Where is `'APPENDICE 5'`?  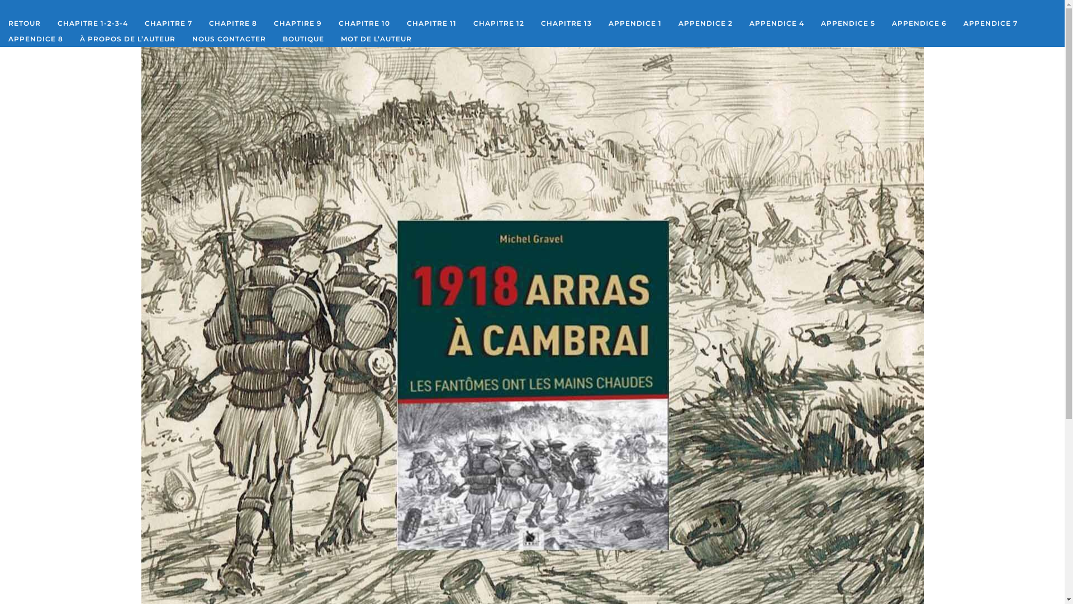
'APPENDICE 5' is located at coordinates (848, 23).